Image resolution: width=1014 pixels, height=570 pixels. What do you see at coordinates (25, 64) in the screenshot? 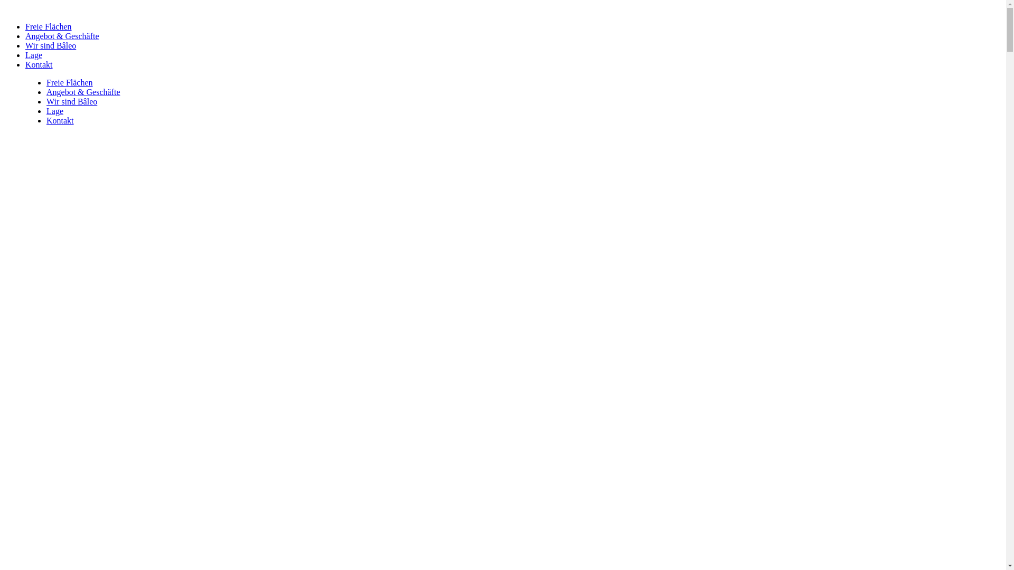
I see `'Kontakt'` at bounding box center [25, 64].